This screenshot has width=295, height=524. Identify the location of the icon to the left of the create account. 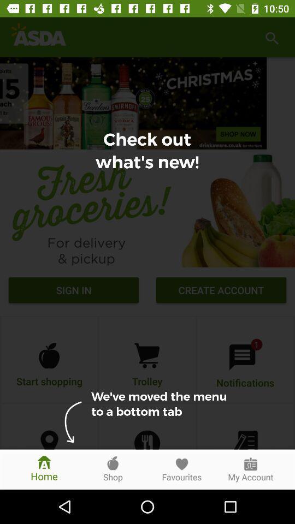
(74, 291).